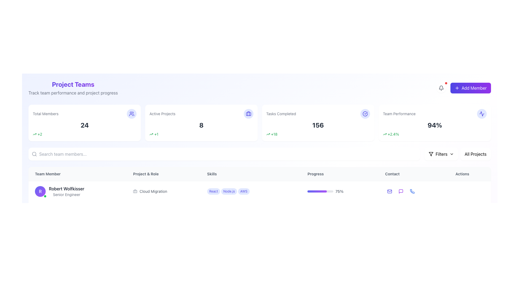 This screenshot has width=516, height=290. I want to click on the small circular icon with a light indigo background and a briefcase symbol, located in the 'Active Projects' section next to the number '8', so click(248, 114).